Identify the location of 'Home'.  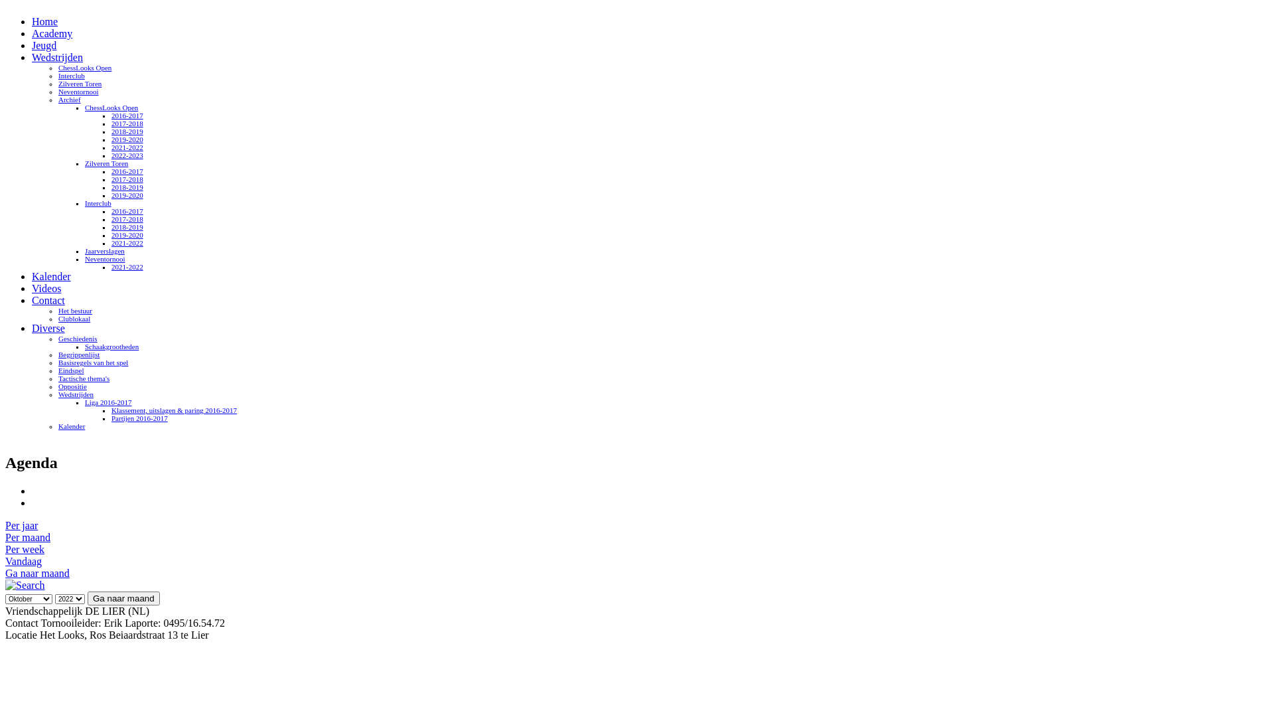
(44, 21).